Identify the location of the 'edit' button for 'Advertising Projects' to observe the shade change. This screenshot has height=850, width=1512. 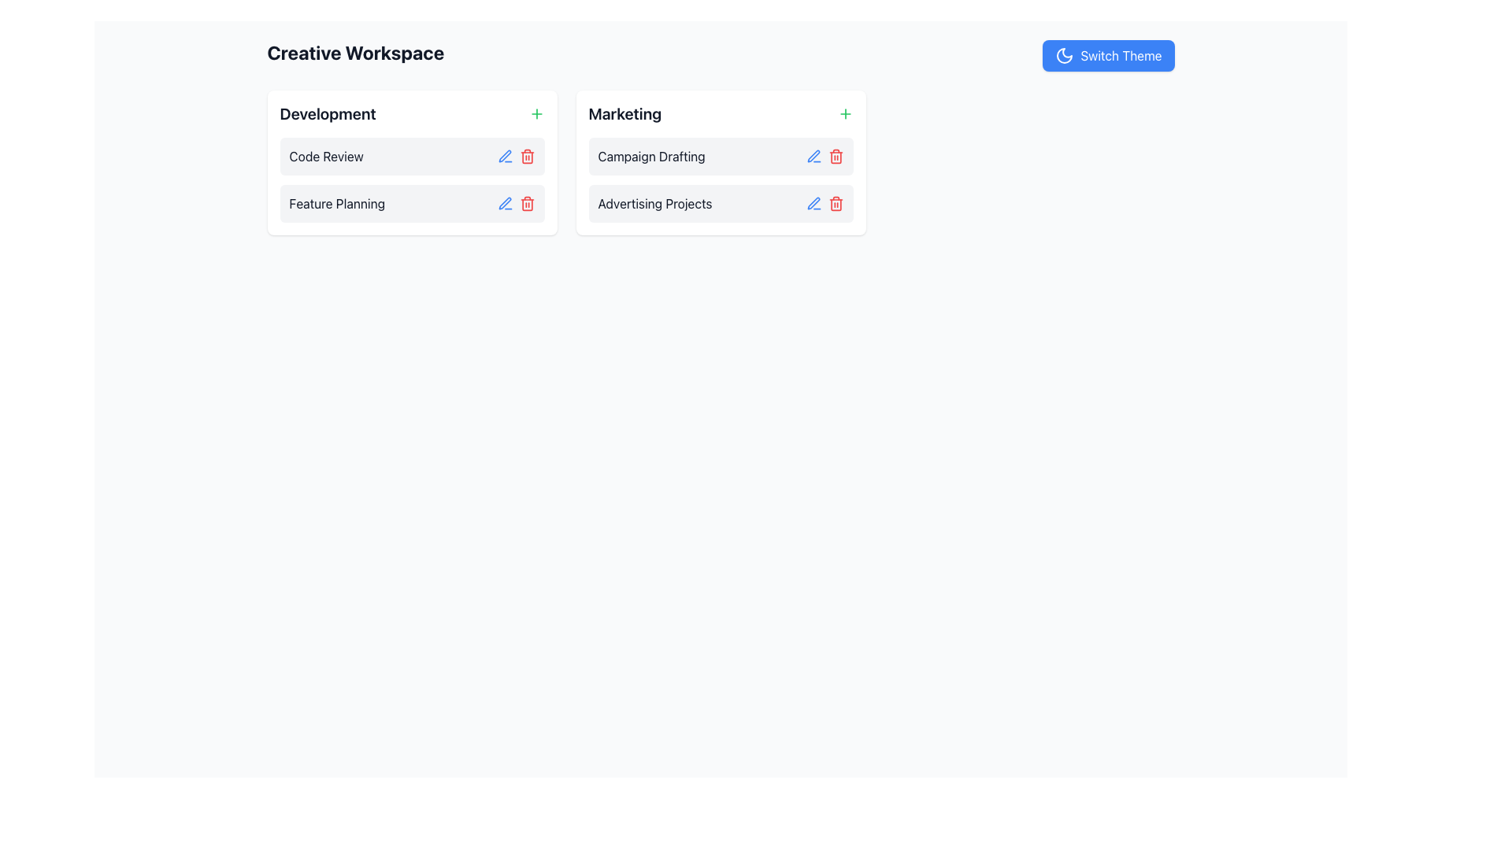
(813, 202).